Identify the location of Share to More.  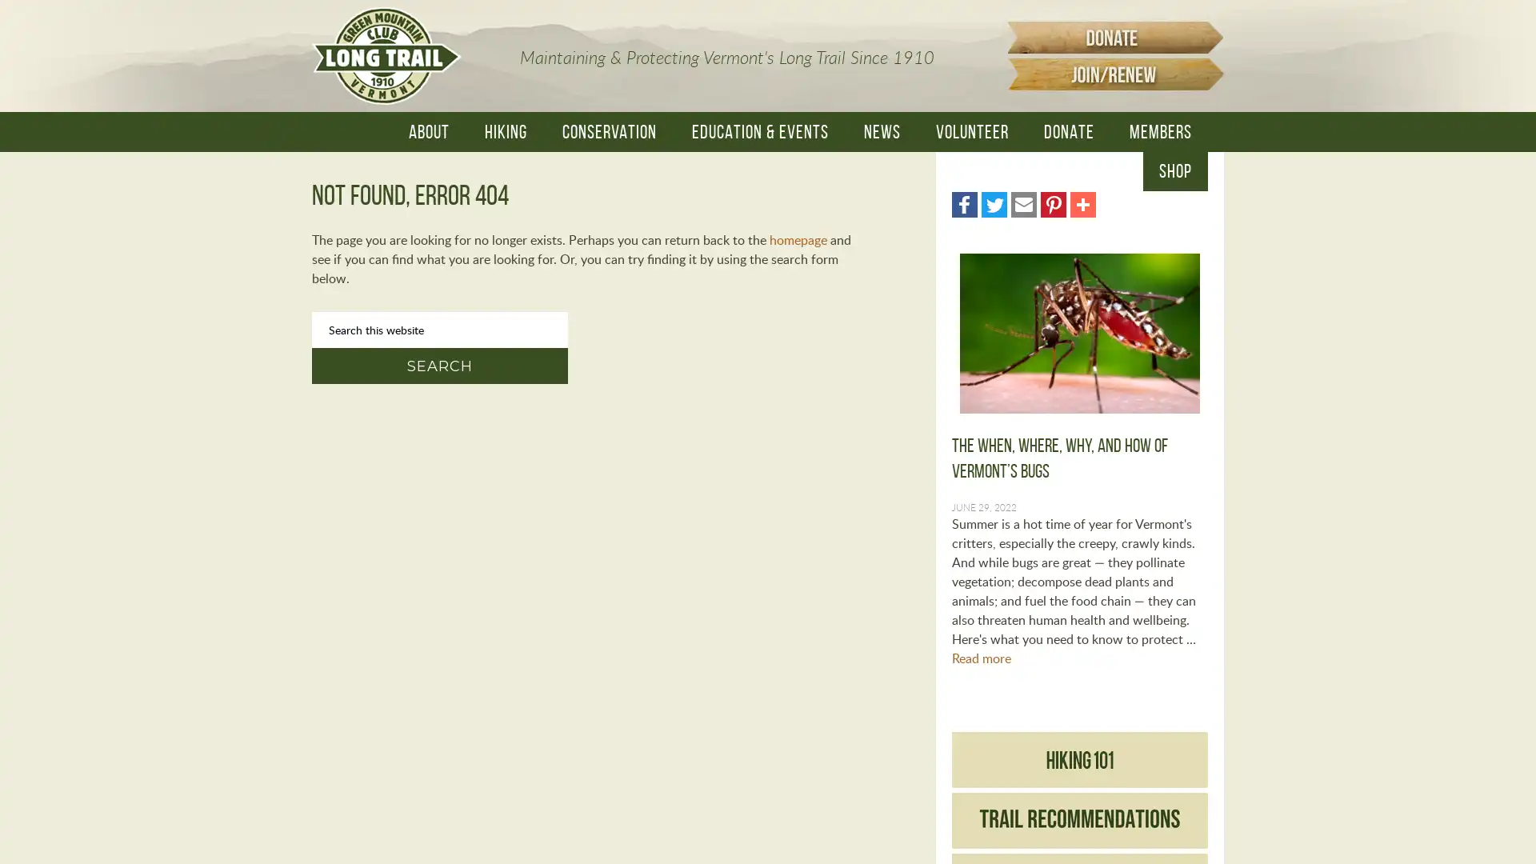
(1082, 203).